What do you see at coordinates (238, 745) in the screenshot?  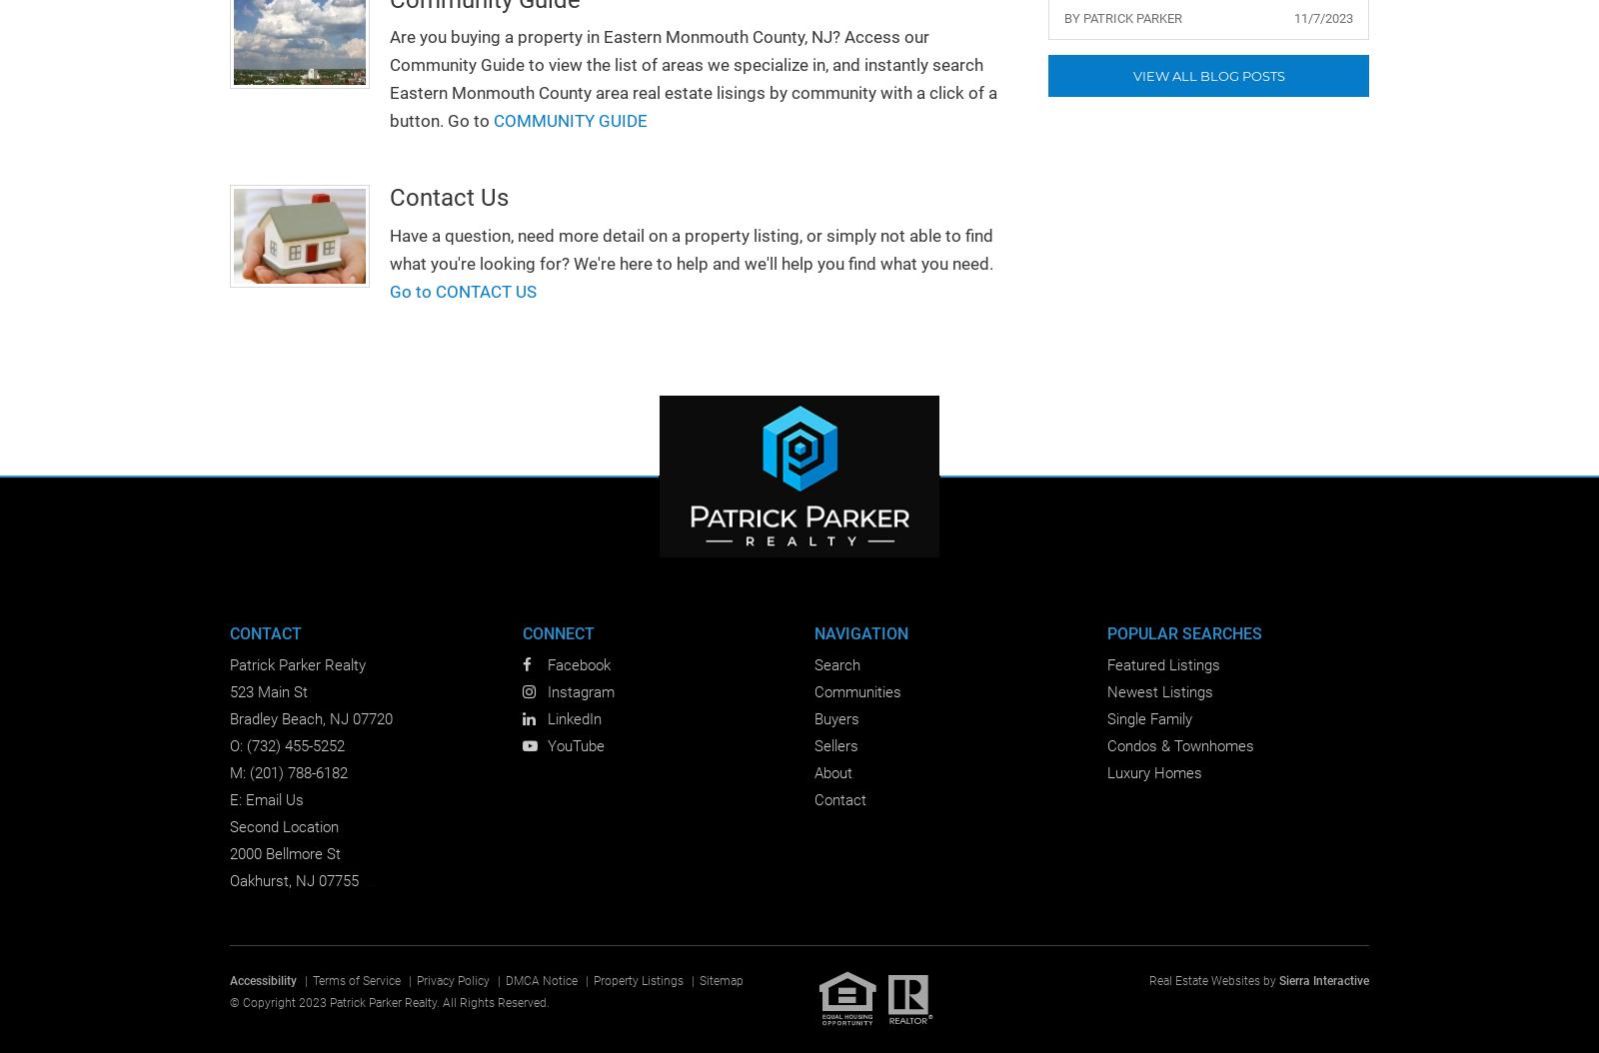 I see `'O:'` at bounding box center [238, 745].